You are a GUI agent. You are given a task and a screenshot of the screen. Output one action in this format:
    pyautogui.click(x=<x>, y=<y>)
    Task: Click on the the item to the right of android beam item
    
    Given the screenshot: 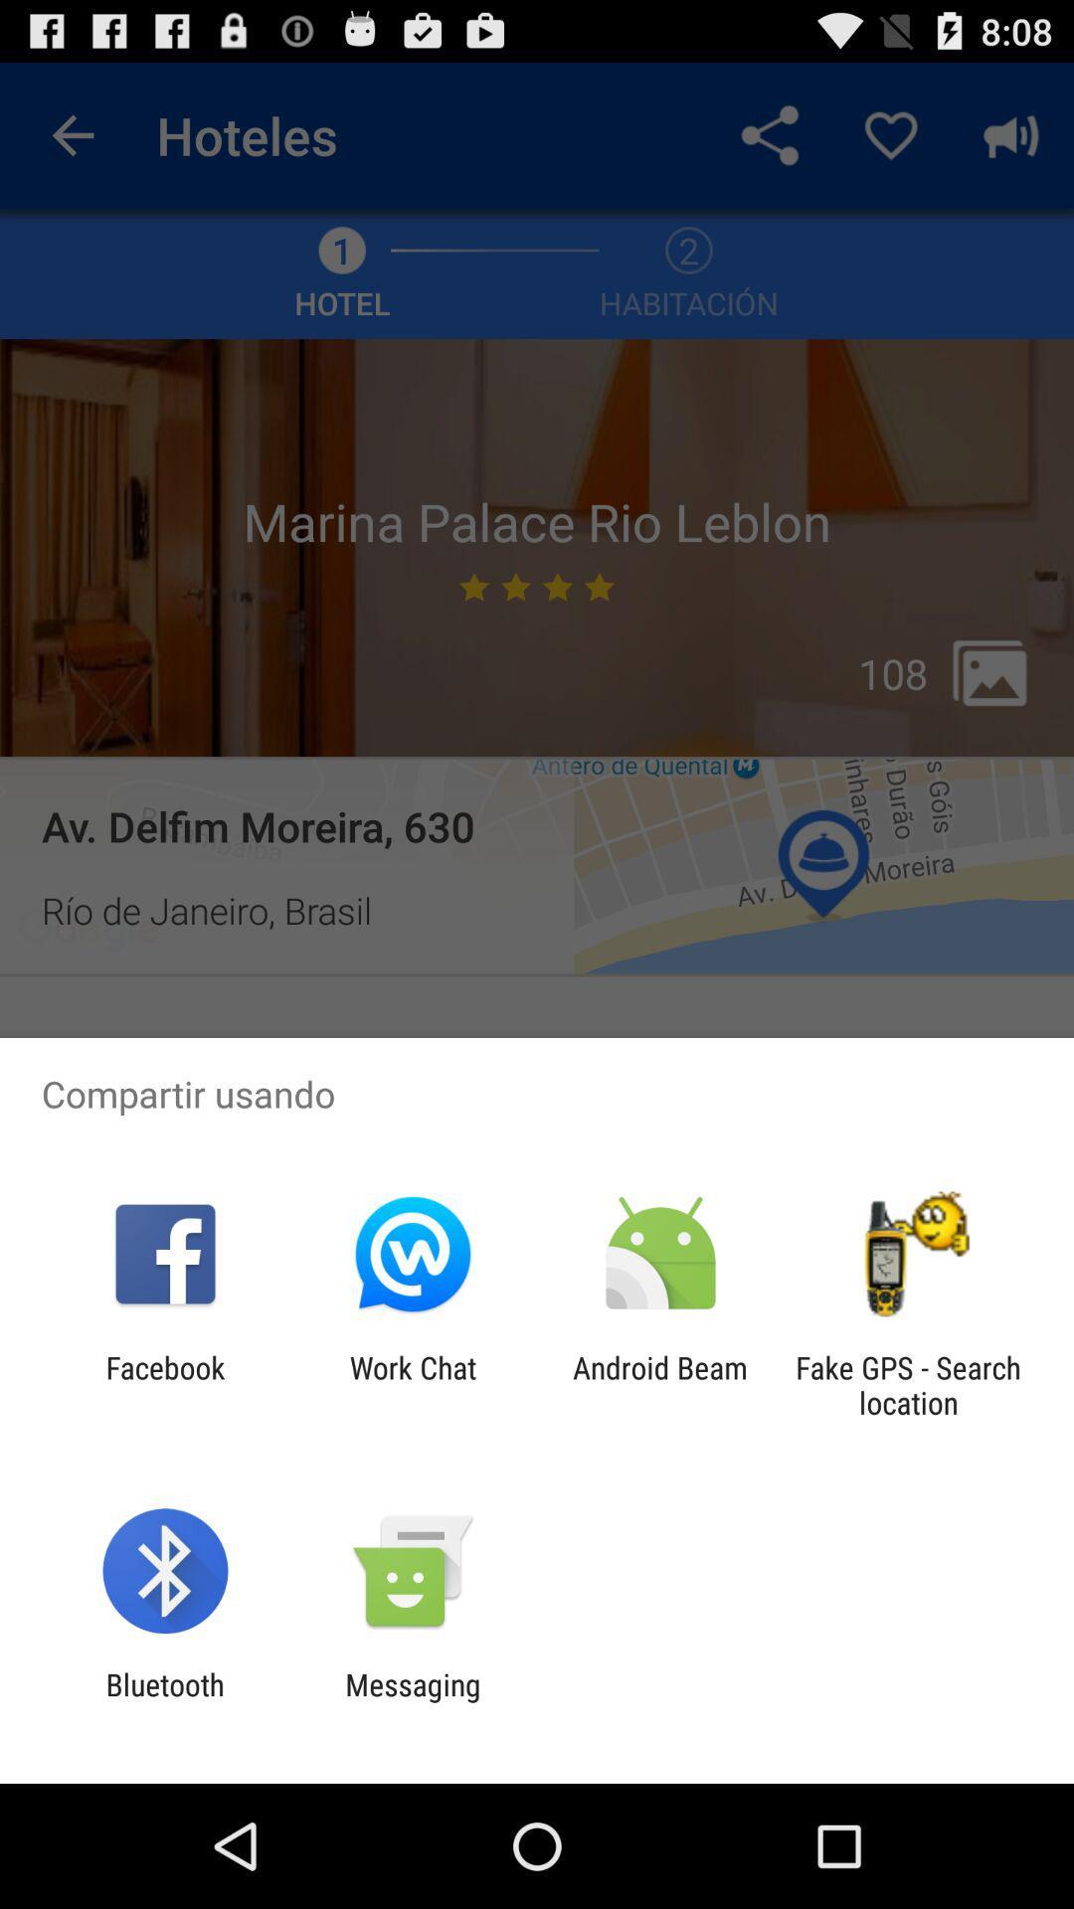 What is the action you would take?
    pyautogui.click(x=908, y=1384)
    